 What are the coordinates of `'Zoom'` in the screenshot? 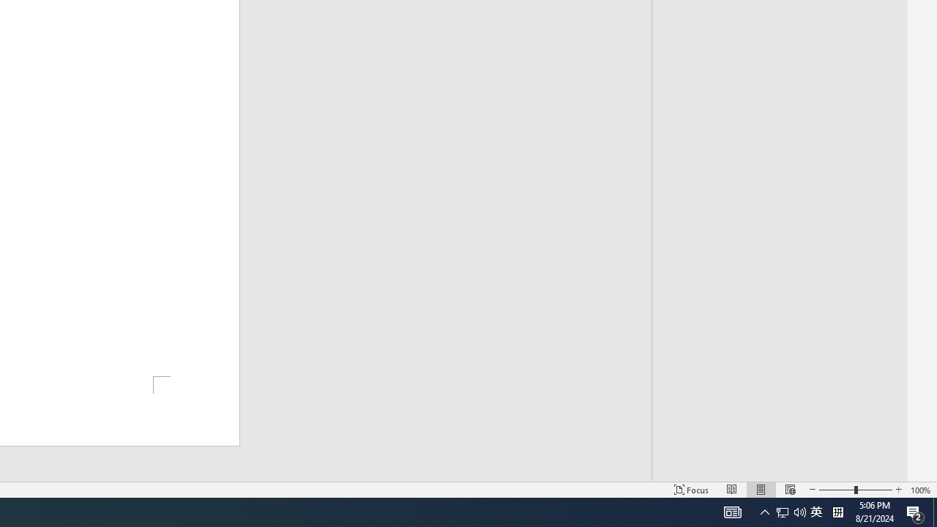 It's located at (855, 490).